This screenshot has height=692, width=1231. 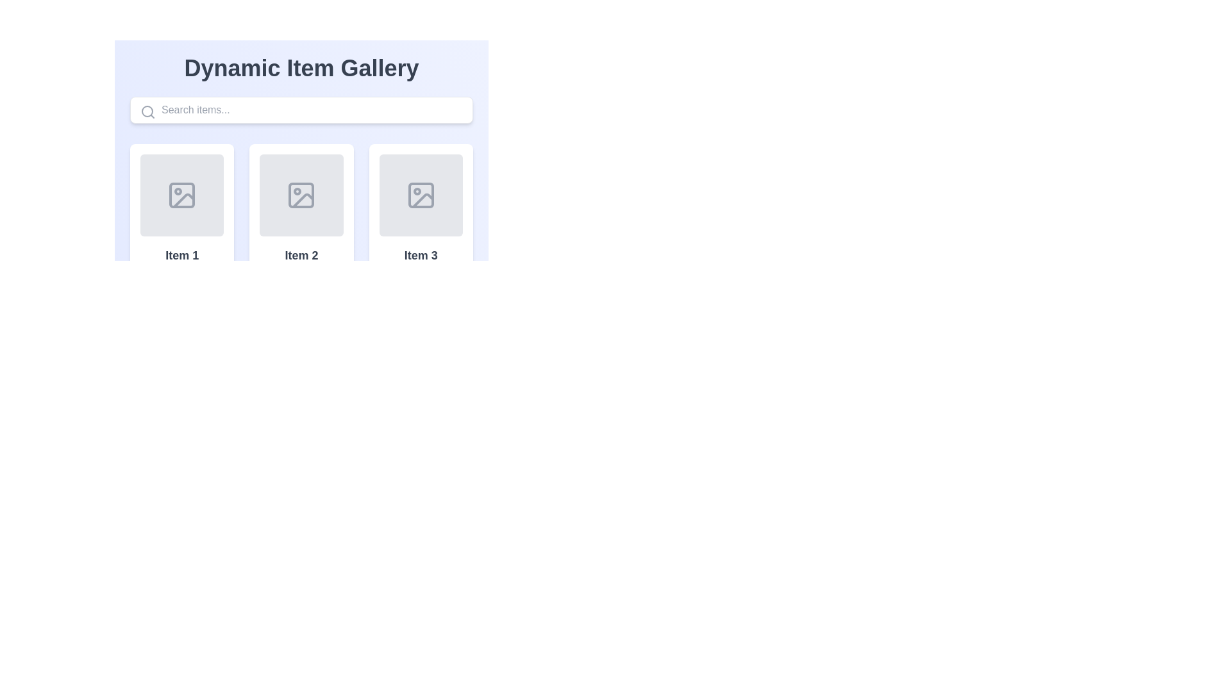 What do you see at coordinates (301, 255) in the screenshot?
I see `the 'Item 2' text label, which is styled with a large bold gray font and positioned below the second image placeholder in a tiled layout` at bounding box center [301, 255].